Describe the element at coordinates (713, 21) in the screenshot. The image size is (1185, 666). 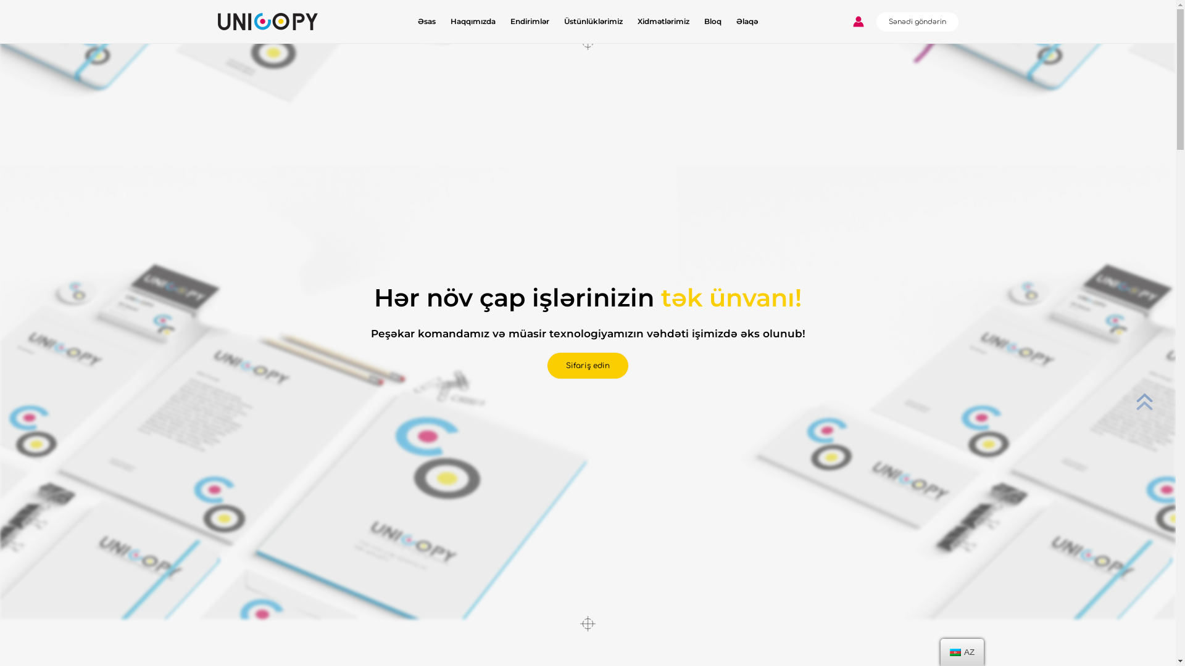
I see `'Bloq'` at that location.